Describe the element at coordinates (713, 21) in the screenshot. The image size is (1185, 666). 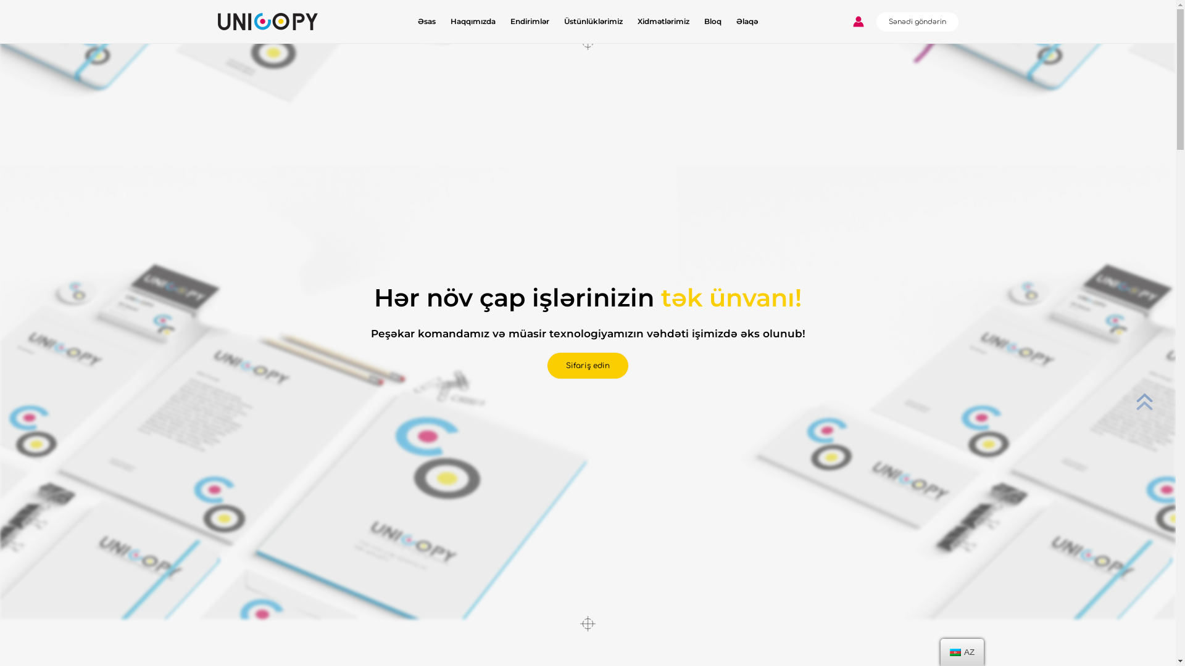
I see `'Bloq'` at that location.